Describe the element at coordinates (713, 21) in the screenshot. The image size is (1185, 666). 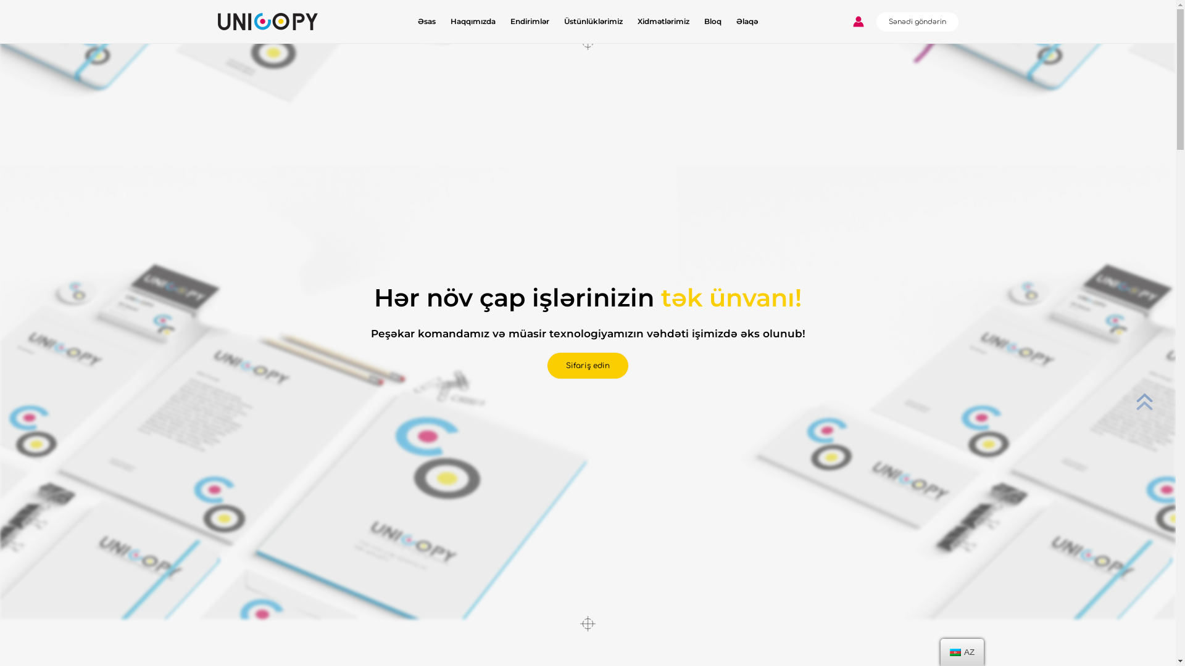
I see `'Bloq'` at that location.